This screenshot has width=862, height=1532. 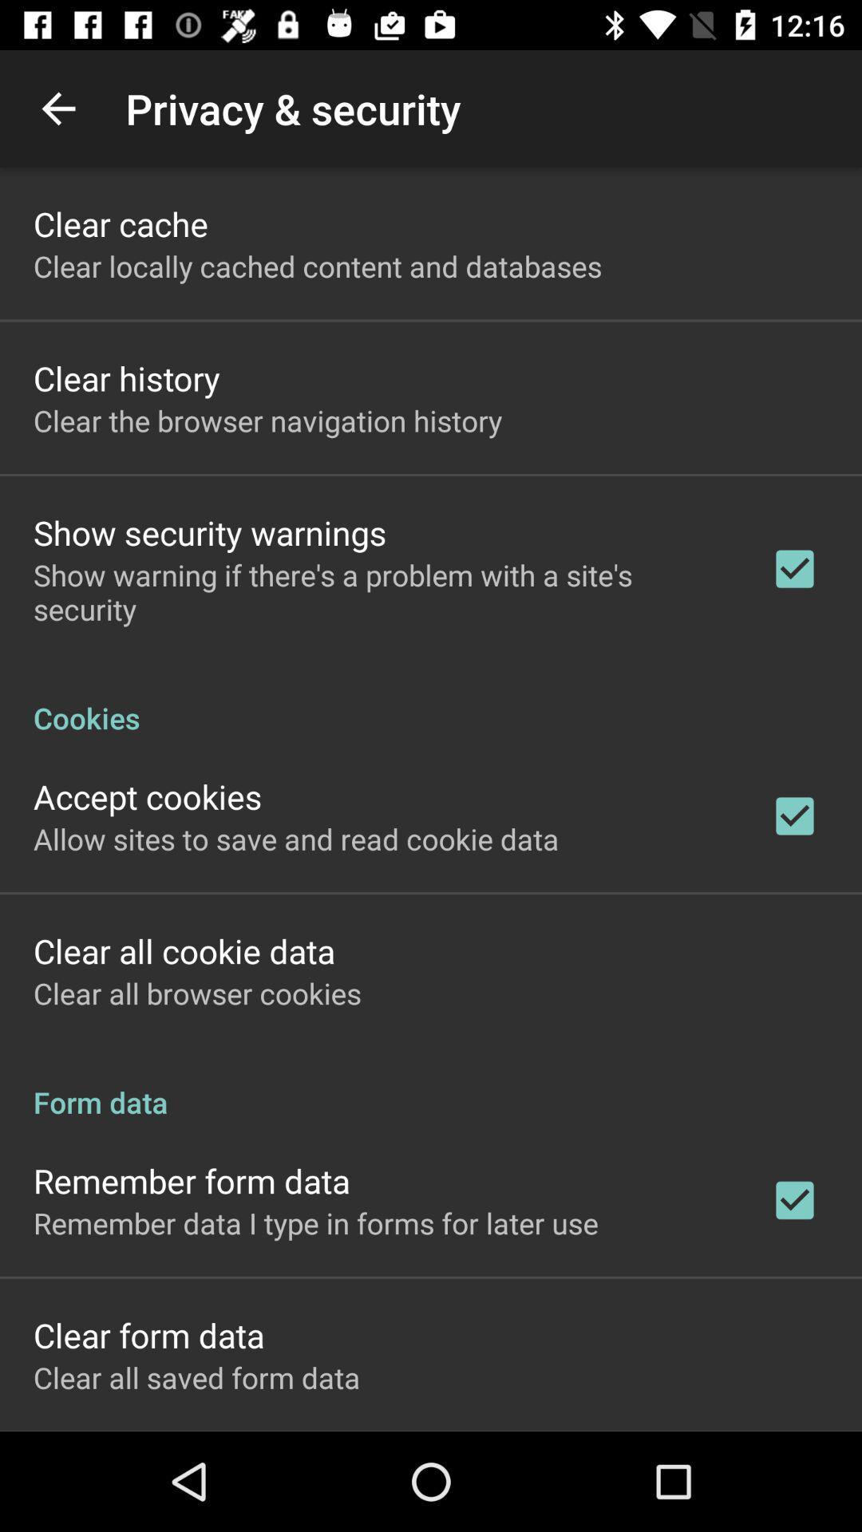 What do you see at coordinates (318, 266) in the screenshot?
I see `the item below clear cache item` at bounding box center [318, 266].